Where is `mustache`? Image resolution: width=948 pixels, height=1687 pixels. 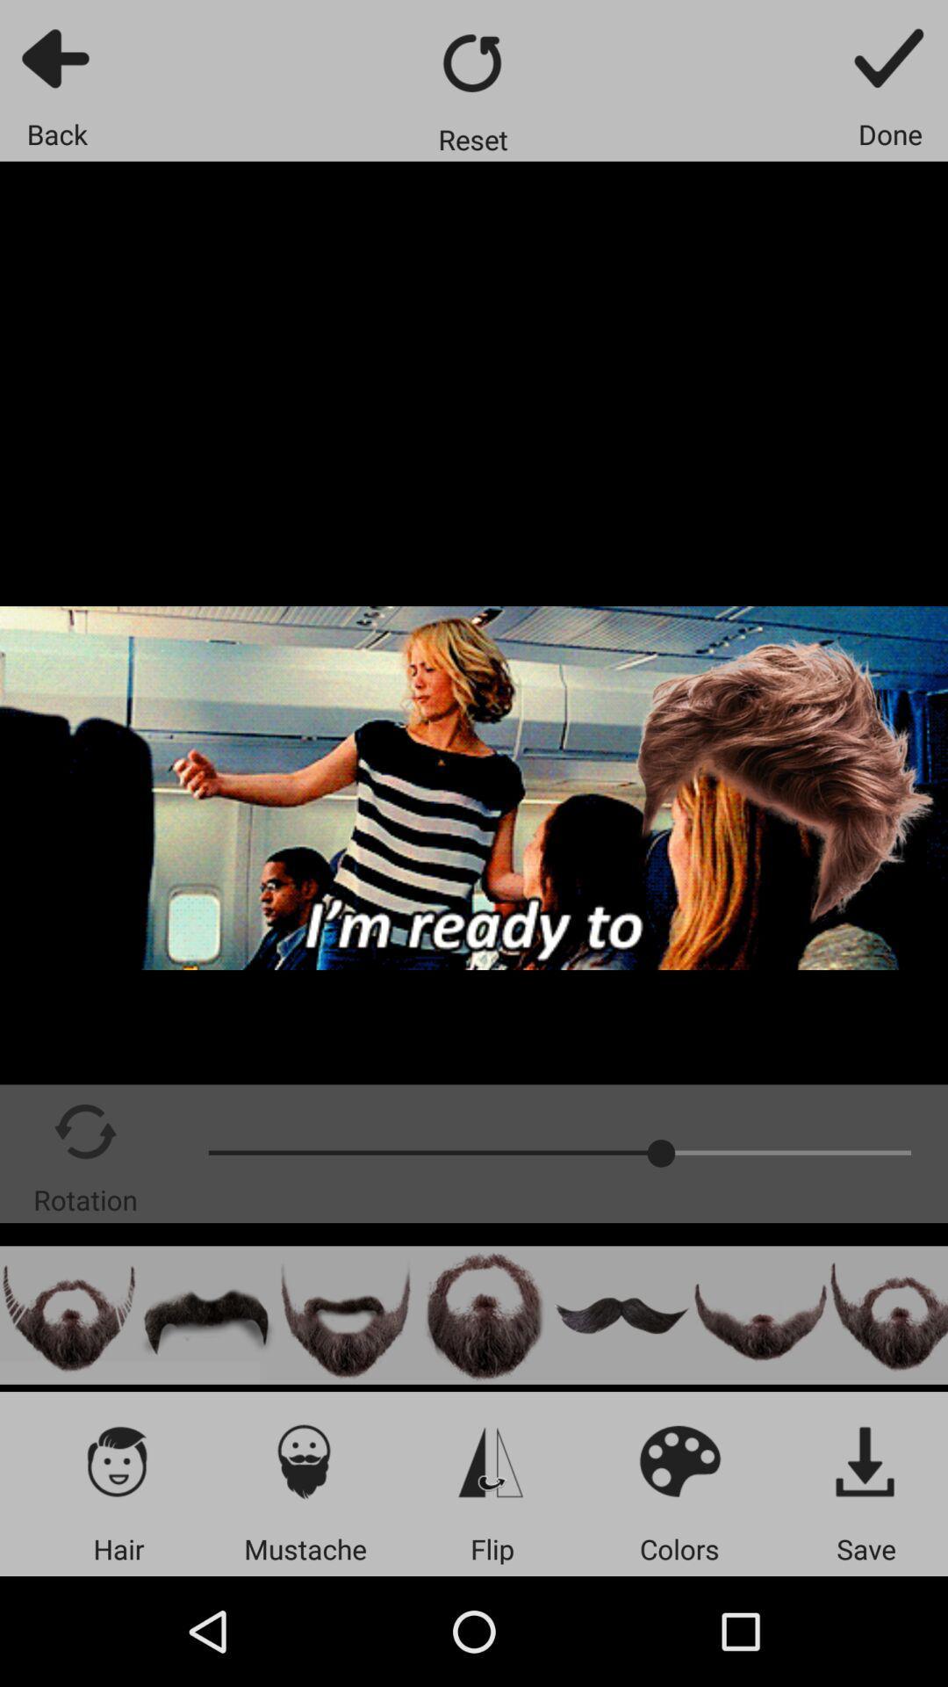 mustache is located at coordinates (206, 1315).